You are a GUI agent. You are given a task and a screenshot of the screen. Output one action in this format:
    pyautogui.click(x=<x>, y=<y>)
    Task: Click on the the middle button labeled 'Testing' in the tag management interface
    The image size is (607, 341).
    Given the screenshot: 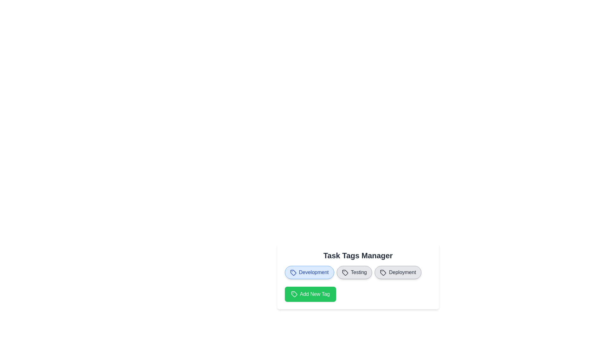 What is the action you would take?
    pyautogui.click(x=358, y=276)
    